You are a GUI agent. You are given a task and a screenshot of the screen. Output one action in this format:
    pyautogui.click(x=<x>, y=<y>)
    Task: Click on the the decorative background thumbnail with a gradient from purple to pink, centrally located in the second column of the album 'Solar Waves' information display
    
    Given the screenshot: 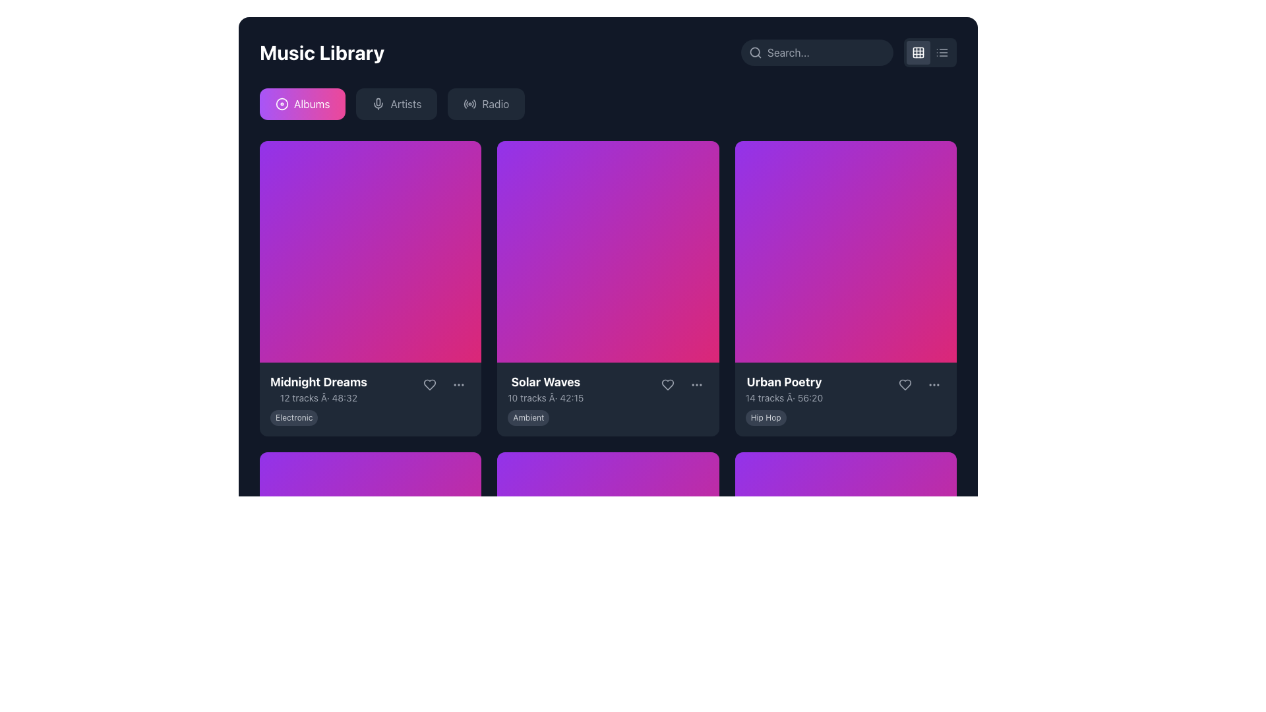 What is the action you would take?
    pyautogui.click(x=607, y=252)
    